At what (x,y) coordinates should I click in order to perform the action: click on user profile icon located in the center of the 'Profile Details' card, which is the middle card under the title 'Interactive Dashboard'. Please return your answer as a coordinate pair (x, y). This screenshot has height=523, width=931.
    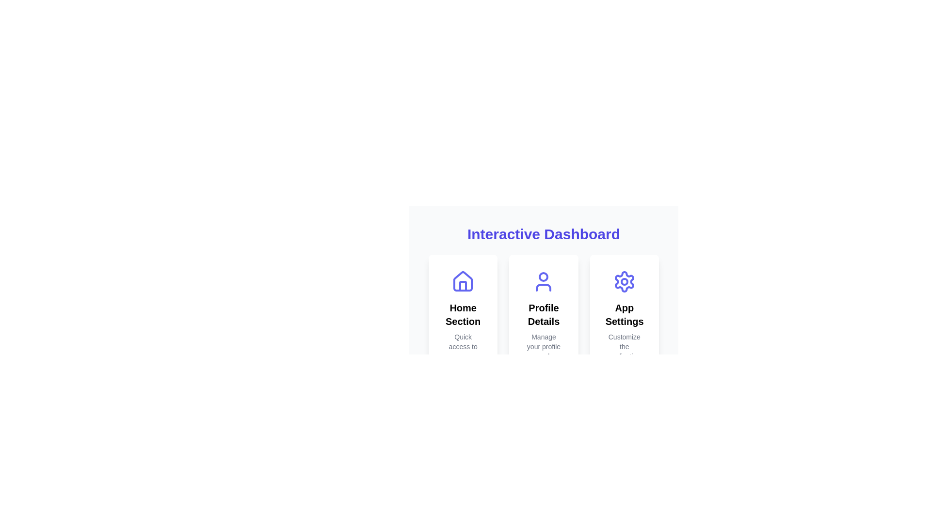
    Looking at the image, I should click on (544, 282).